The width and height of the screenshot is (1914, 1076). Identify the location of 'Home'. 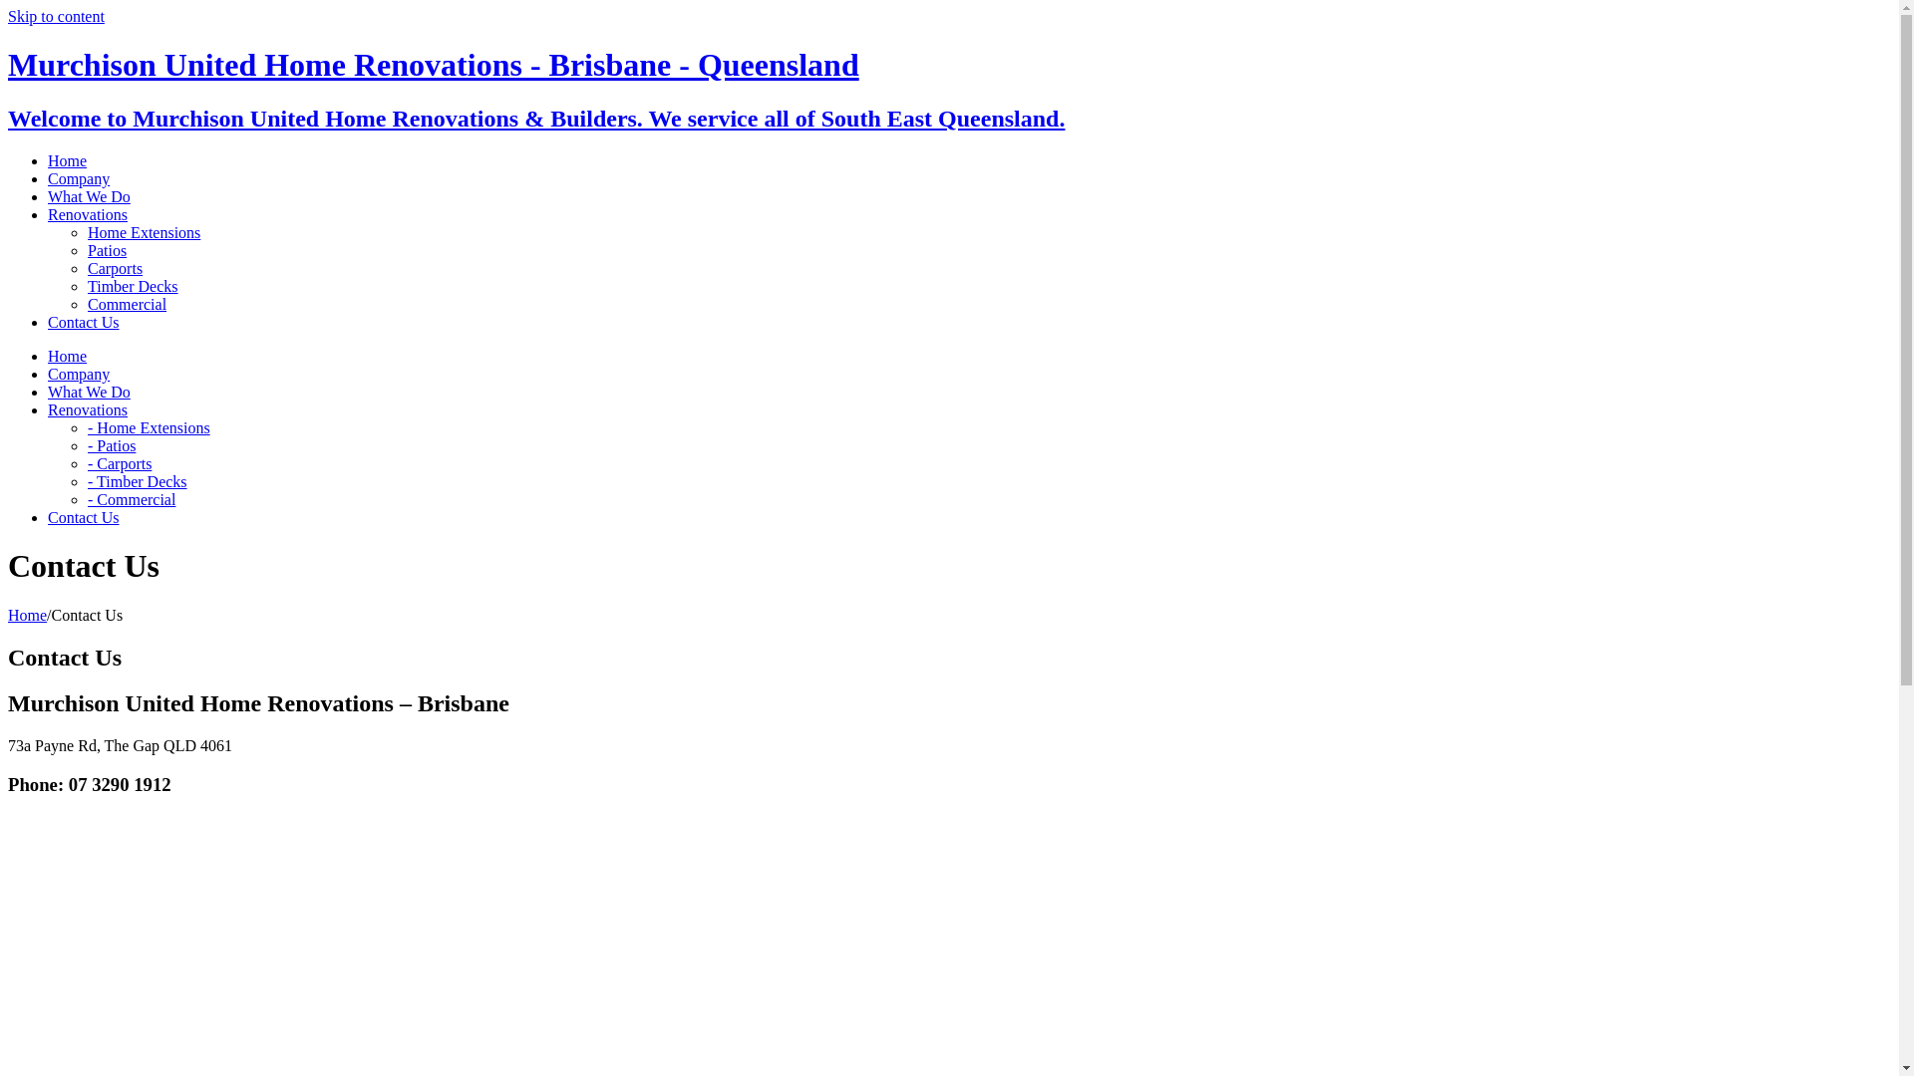
(27, 614).